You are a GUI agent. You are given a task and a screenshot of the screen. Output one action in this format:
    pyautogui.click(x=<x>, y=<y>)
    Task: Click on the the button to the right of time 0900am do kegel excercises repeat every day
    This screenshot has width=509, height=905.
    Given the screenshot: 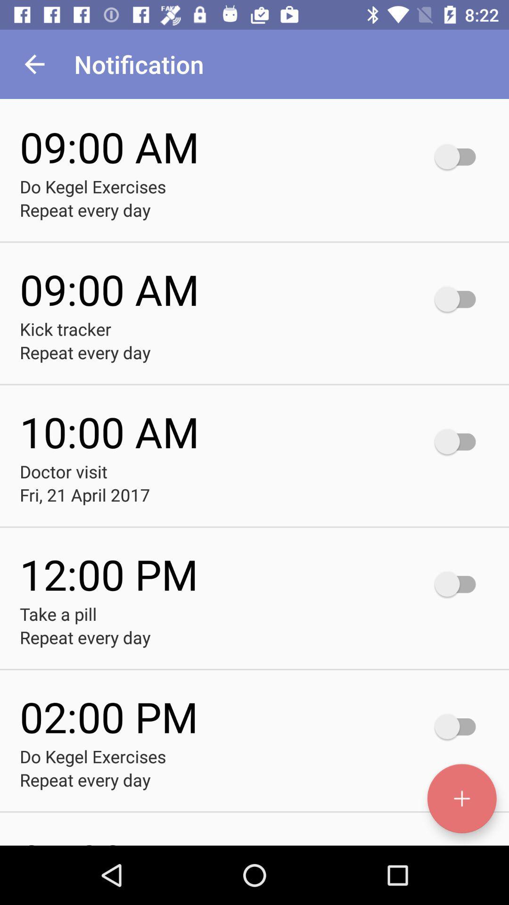 What is the action you would take?
    pyautogui.click(x=459, y=156)
    